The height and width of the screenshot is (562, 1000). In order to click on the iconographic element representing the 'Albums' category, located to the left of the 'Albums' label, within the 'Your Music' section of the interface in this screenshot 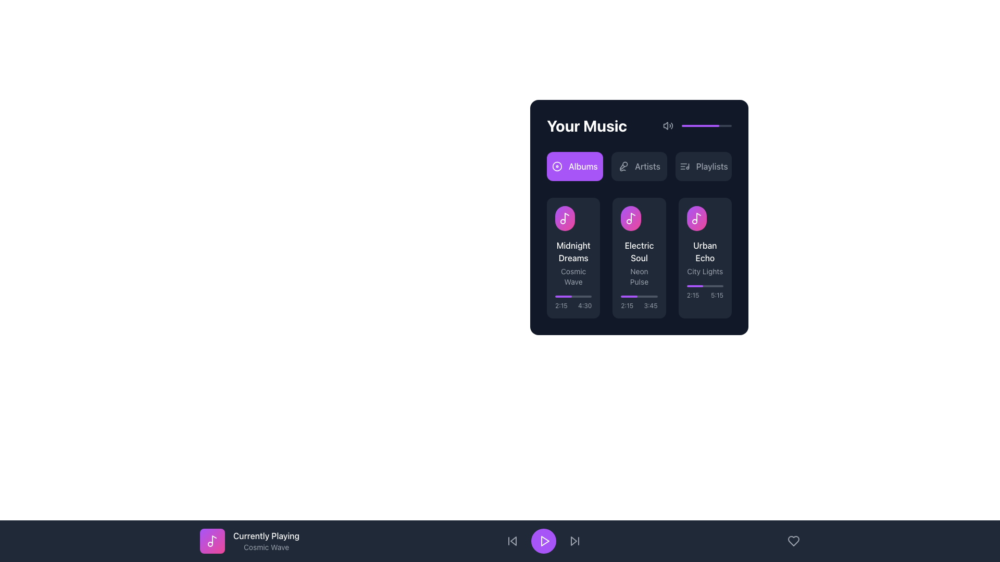, I will do `click(556, 166)`.